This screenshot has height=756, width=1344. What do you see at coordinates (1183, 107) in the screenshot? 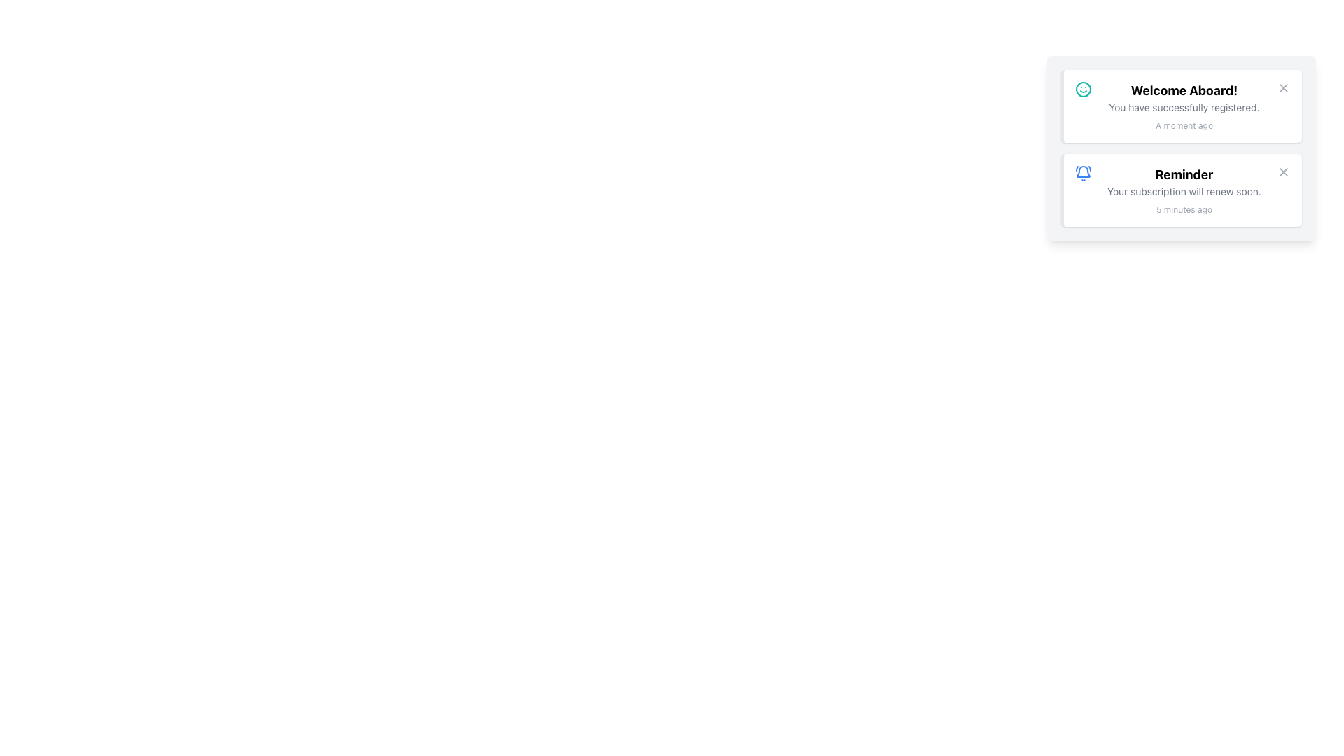
I see `text from the Text Label that indicates the user's registration attempt has been successful, positioned below 'Welcome Aboard!' and above the timestamp in the notification card` at bounding box center [1183, 107].